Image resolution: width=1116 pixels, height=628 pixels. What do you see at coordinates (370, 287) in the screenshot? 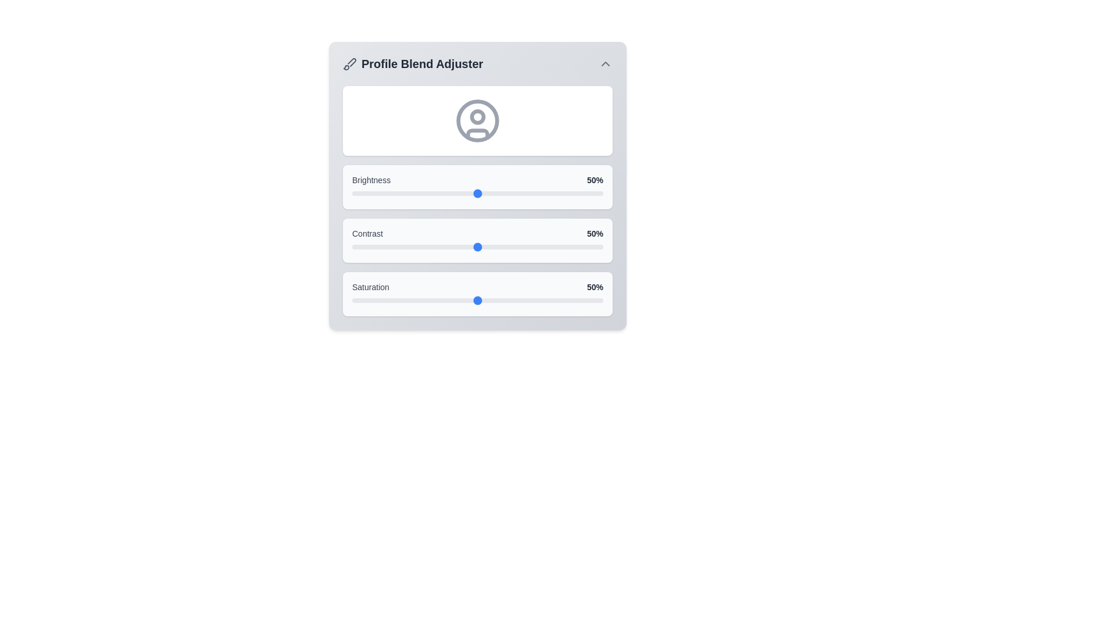
I see `the 'Saturation' text label, which is displayed in a small-sized, medium-weight gray font and is aligned horizontally with a percentage value '50%' to its right, situated below the 'Contrast' label` at bounding box center [370, 287].